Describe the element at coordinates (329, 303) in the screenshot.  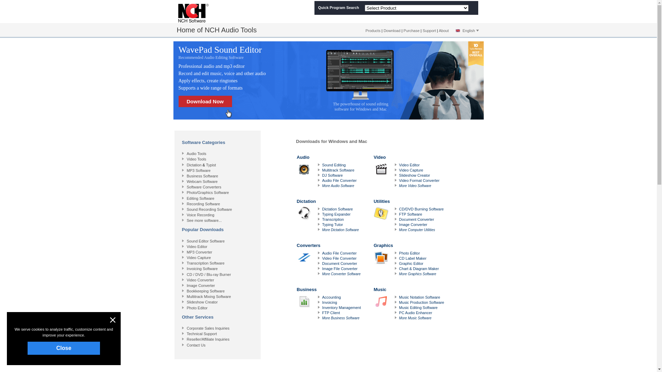
I see `'Business'` at that location.